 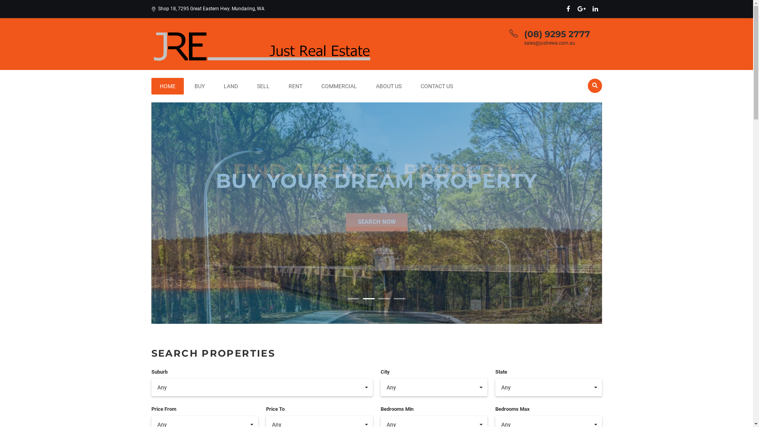 What do you see at coordinates (230, 86) in the screenshot?
I see `'LAND'` at bounding box center [230, 86].